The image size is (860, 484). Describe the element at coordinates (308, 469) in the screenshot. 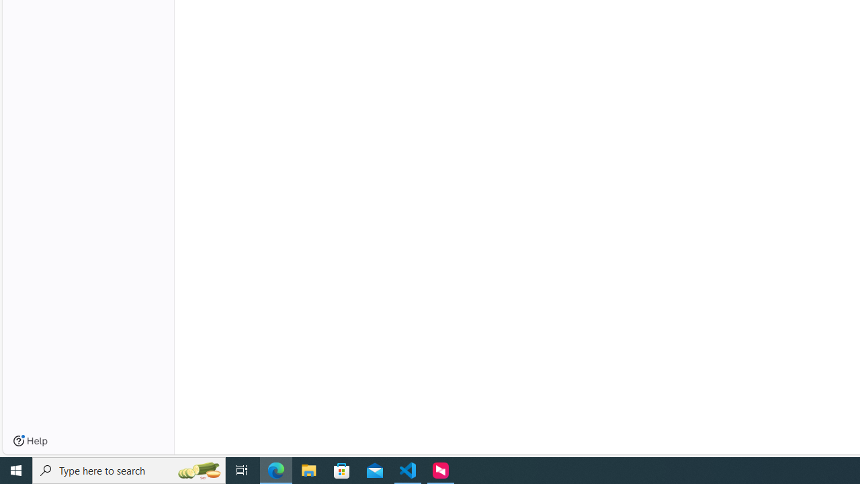

I see `'File Explorer'` at that location.